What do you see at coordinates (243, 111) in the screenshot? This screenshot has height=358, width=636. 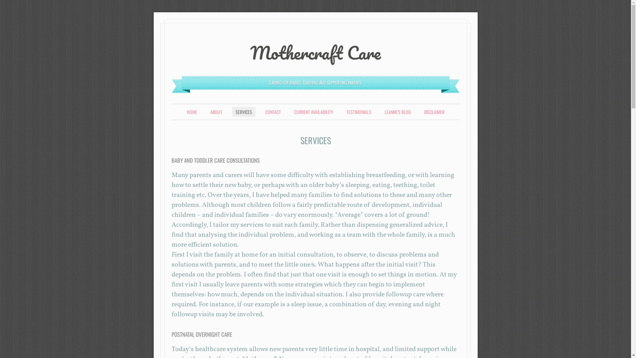 I see `'SERVICES'` at bounding box center [243, 111].